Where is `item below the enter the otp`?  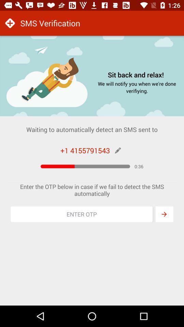 item below the enter the otp is located at coordinates (81, 214).